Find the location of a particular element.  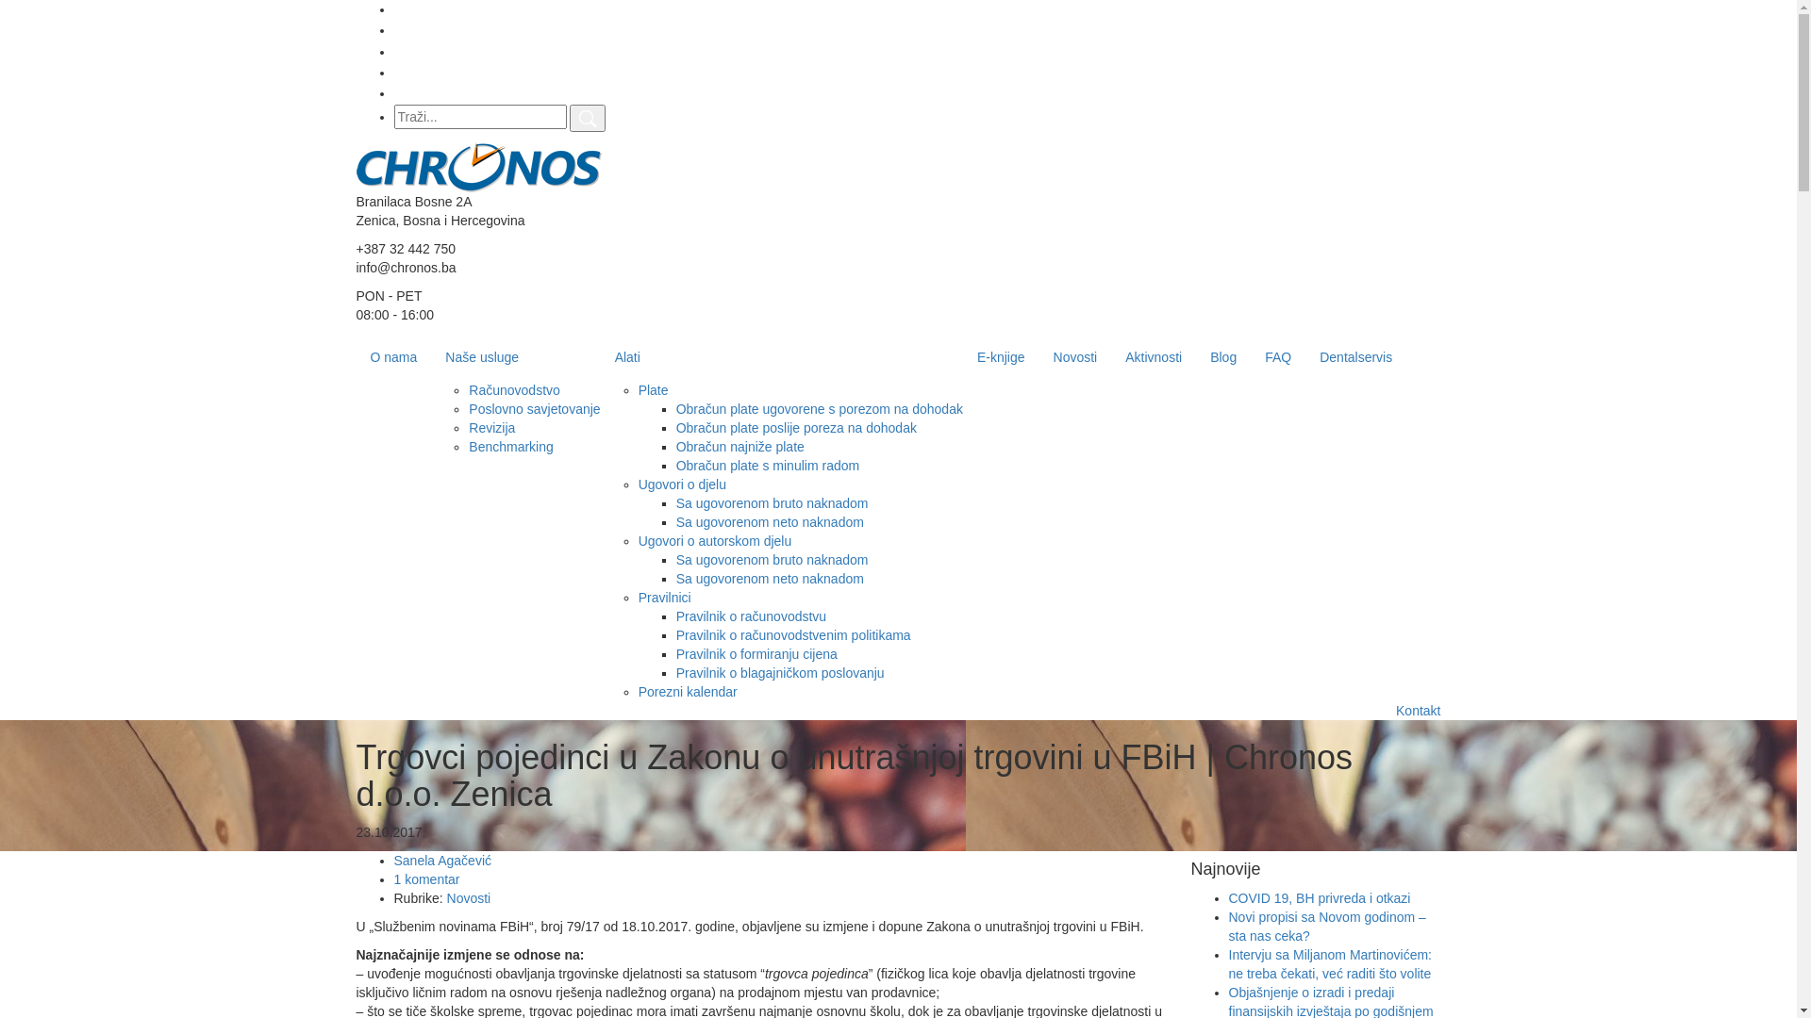

'Kontakt' is located at coordinates (1418, 710).